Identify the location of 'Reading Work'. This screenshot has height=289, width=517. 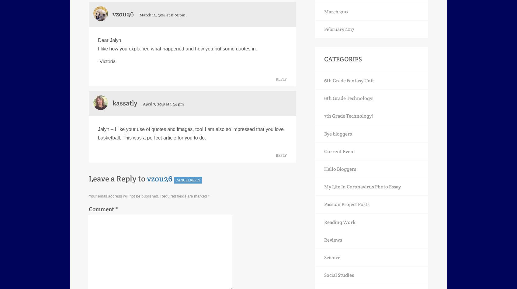
(324, 222).